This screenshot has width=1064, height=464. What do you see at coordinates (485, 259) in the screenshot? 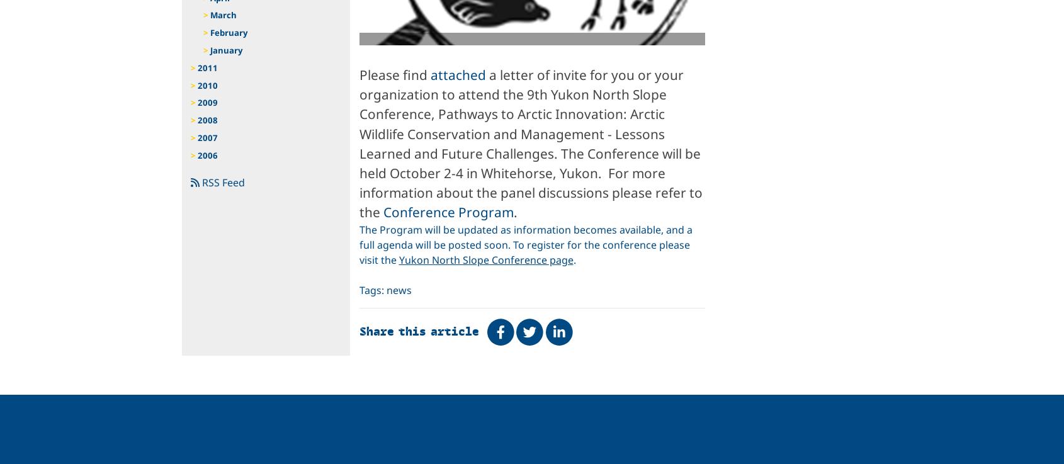
I see `'Yukon North Slope Conference page'` at bounding box center [485, 259].